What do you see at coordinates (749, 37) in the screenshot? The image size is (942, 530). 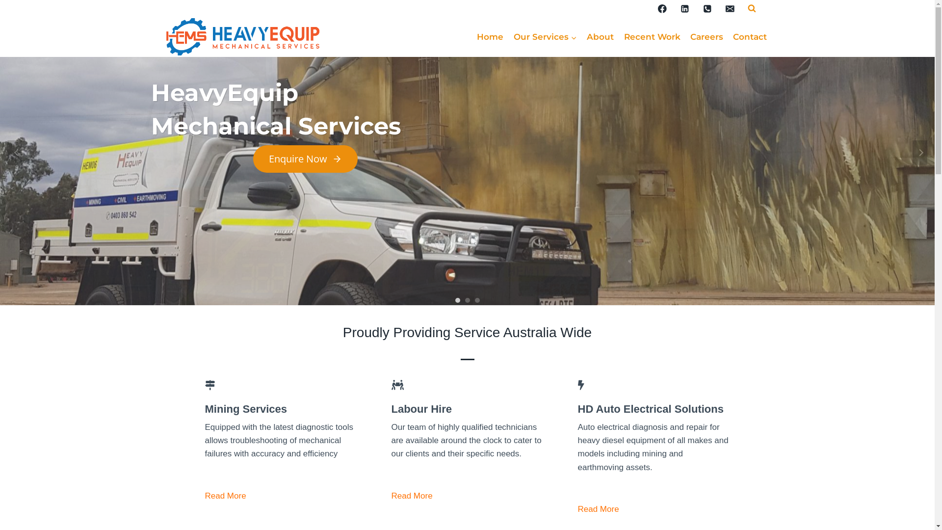 I see `'Contact'` at bounding box center [749, 37].